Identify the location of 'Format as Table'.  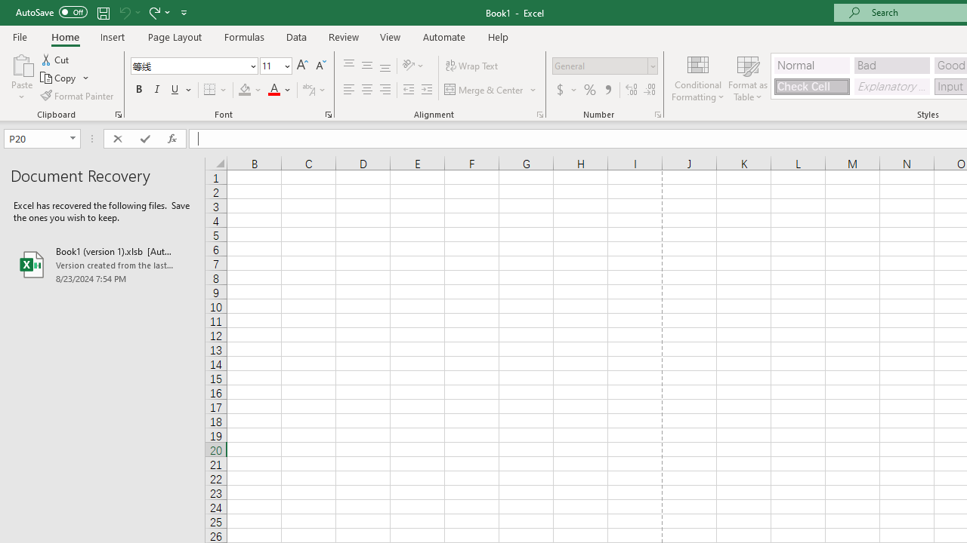
(748, 78).